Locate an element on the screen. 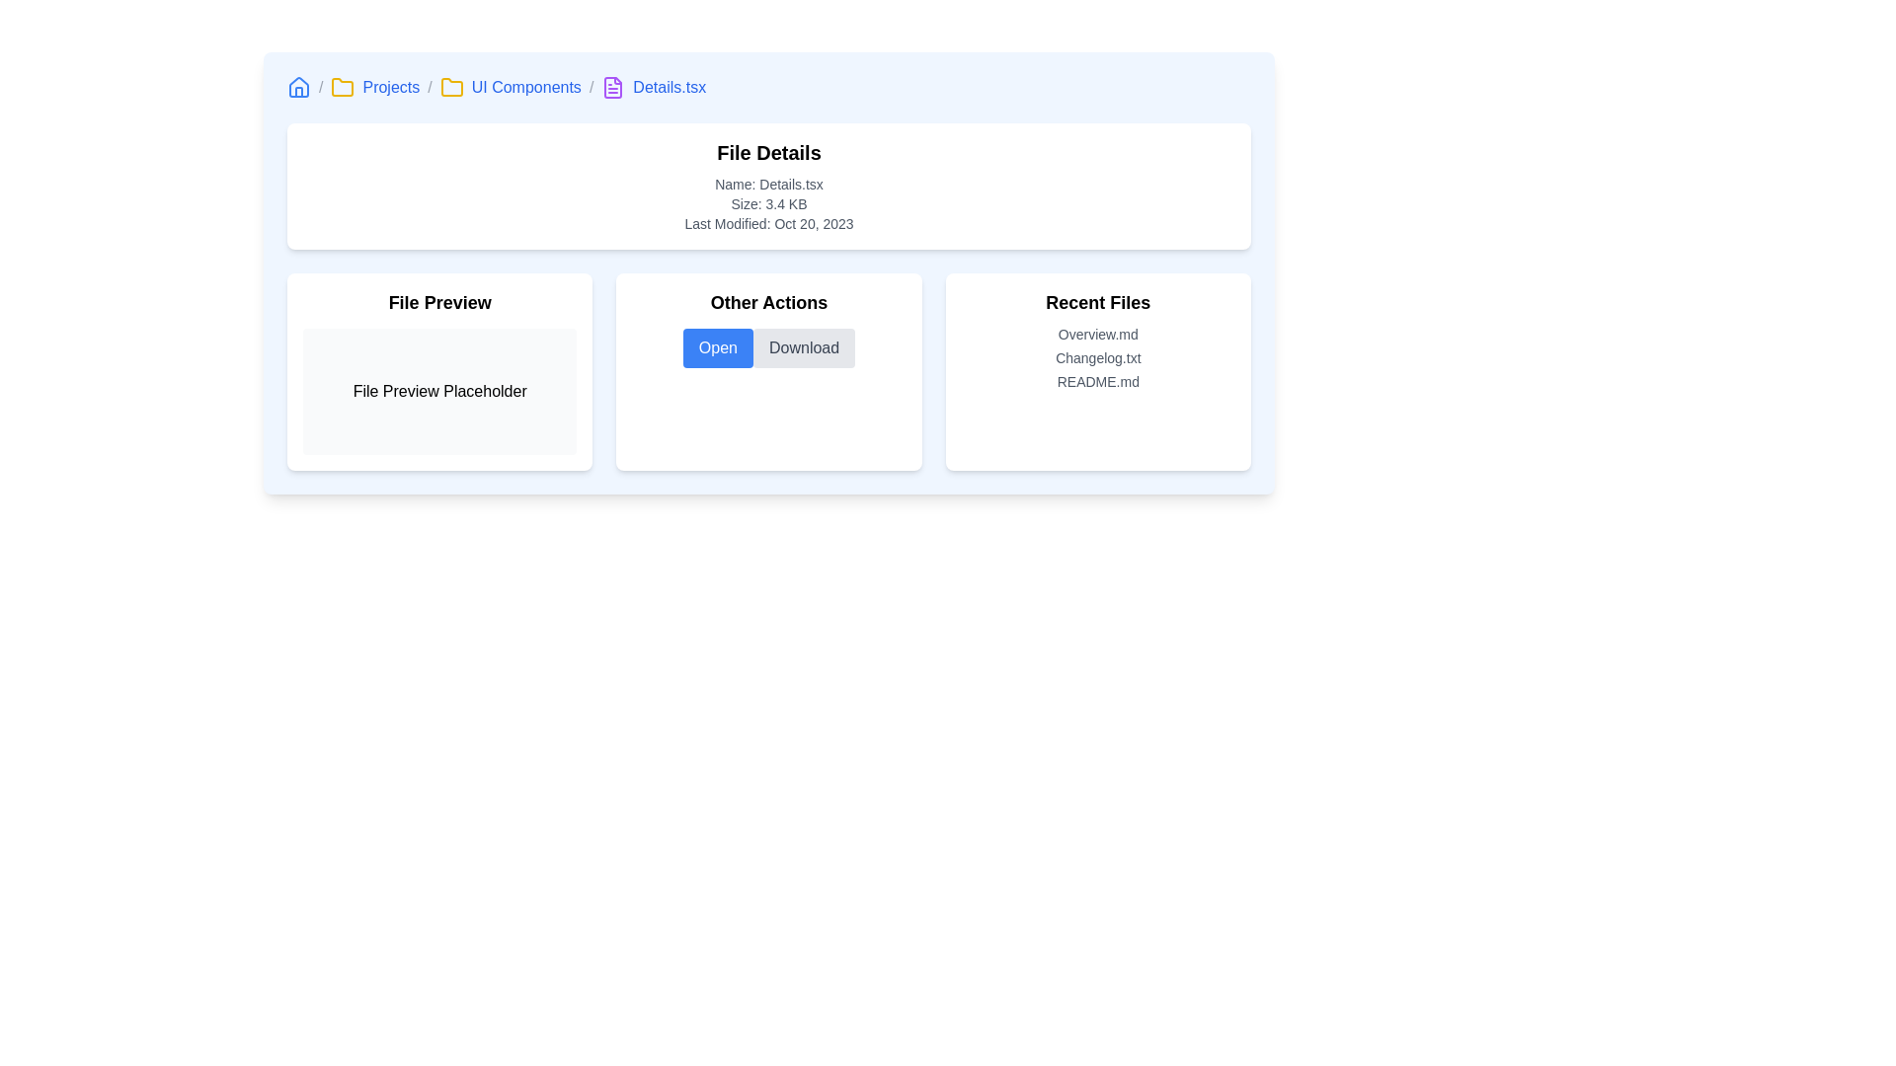  the Text Label indicating the presence of 'Changelog.txt' in the 'Recent Files' section is located at coordinates (1097, 357).